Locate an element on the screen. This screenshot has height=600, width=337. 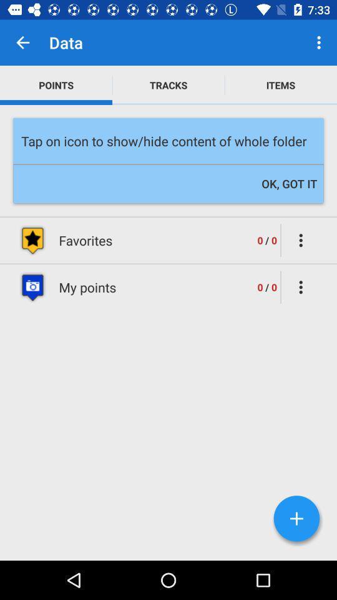
icon below points is located at coordinates (168, 141).